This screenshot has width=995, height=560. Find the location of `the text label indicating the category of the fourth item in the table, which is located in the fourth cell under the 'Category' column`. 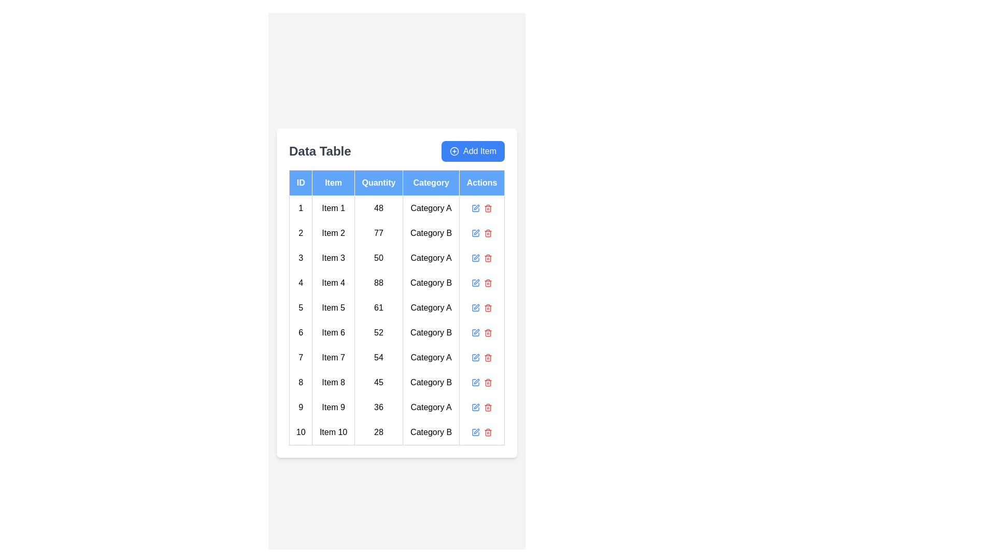

the text label indicating the category of the fourth item in the table, which is located in the fourth cell under the 'Category' column is located at coordinates (431, 283).